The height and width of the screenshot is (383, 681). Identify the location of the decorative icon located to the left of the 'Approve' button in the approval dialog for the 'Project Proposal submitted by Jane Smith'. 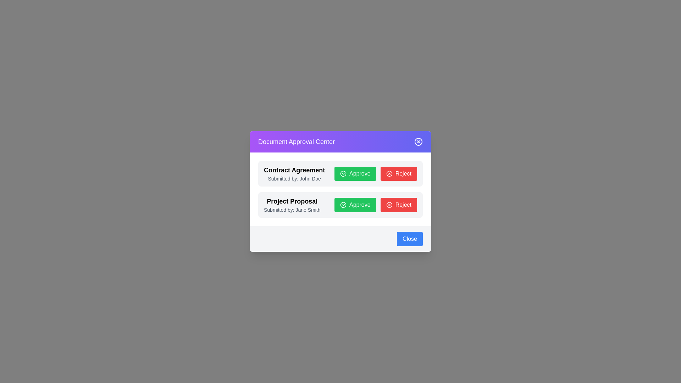
(343, 205).